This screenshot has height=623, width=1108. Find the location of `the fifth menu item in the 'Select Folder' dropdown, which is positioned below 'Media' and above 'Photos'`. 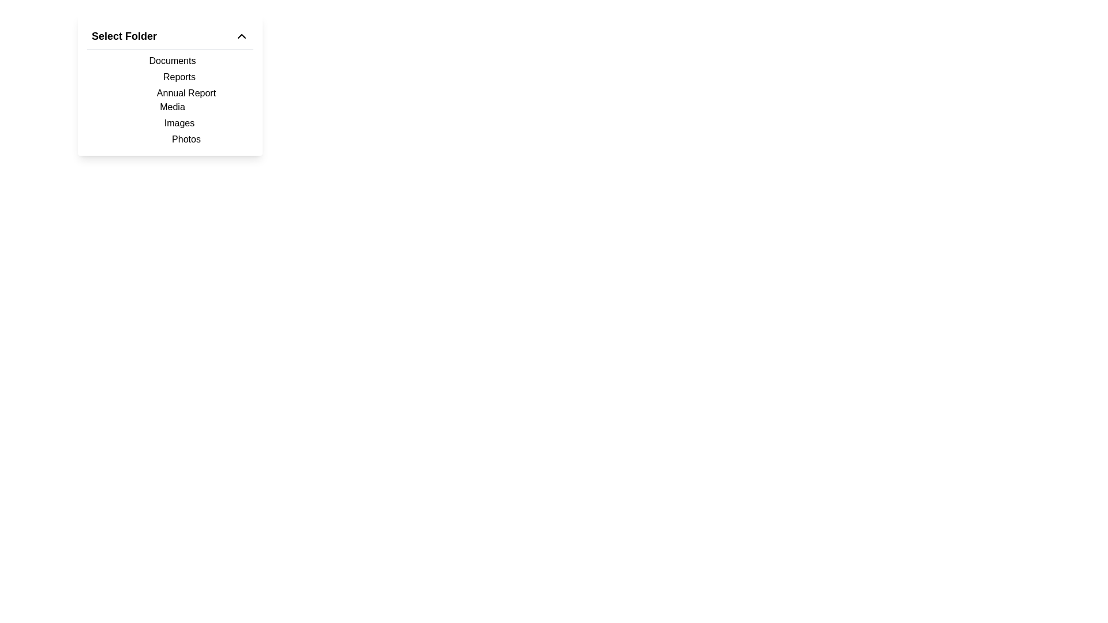

the fifth menu item in the 'Select Folder' dropdown, which is positioned below 'Media' and above 'Photos' is located at coordinates (179, 123).